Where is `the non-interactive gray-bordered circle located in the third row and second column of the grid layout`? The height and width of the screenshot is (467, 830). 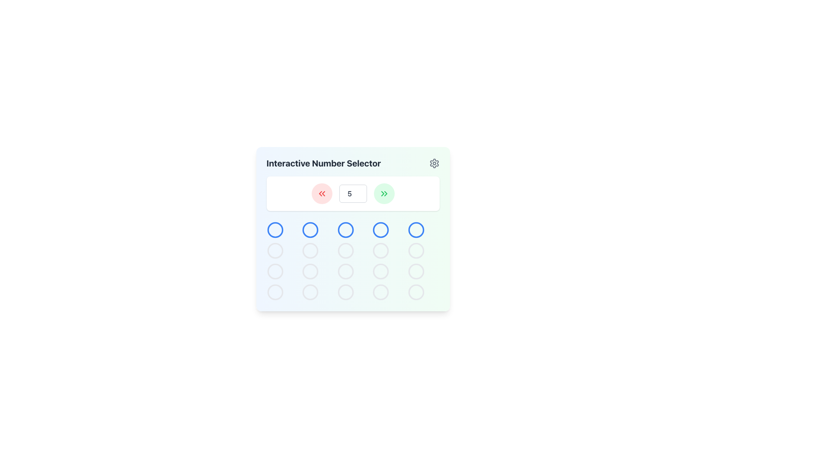 the non-interactive gray-bordered circle located in the third row and second column of the grid layout is located at coordinates (310, 271).